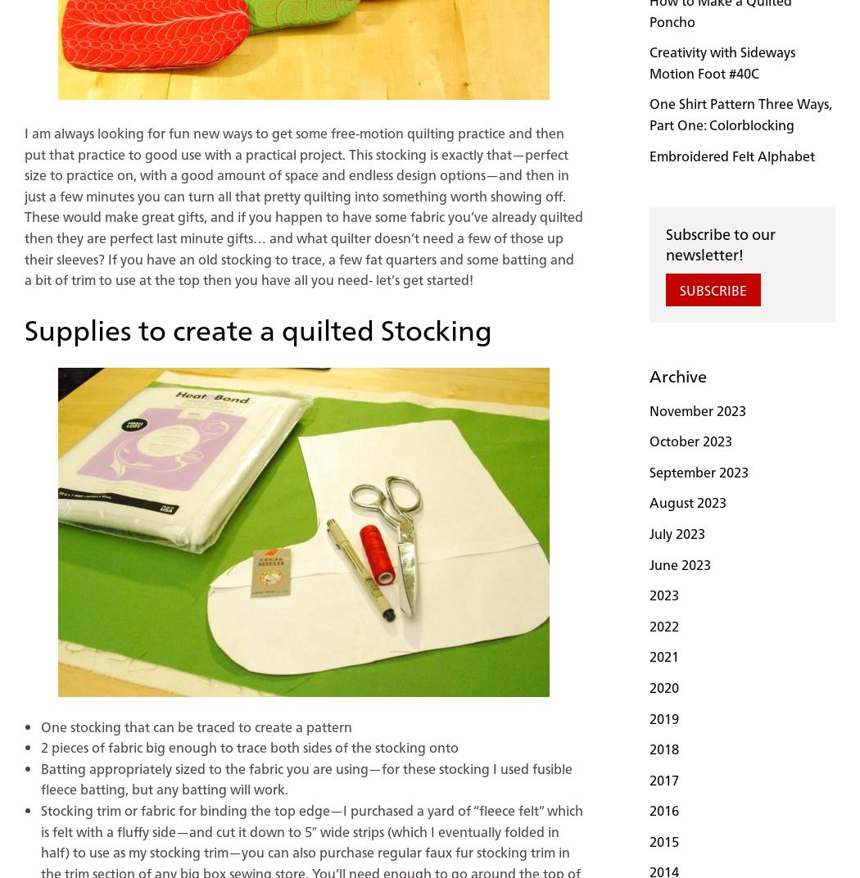 This screenshot has height=878, width=860. Describe the element at coordinates (76, 100) in the screenshot. I see `'flygirl'` at that location.